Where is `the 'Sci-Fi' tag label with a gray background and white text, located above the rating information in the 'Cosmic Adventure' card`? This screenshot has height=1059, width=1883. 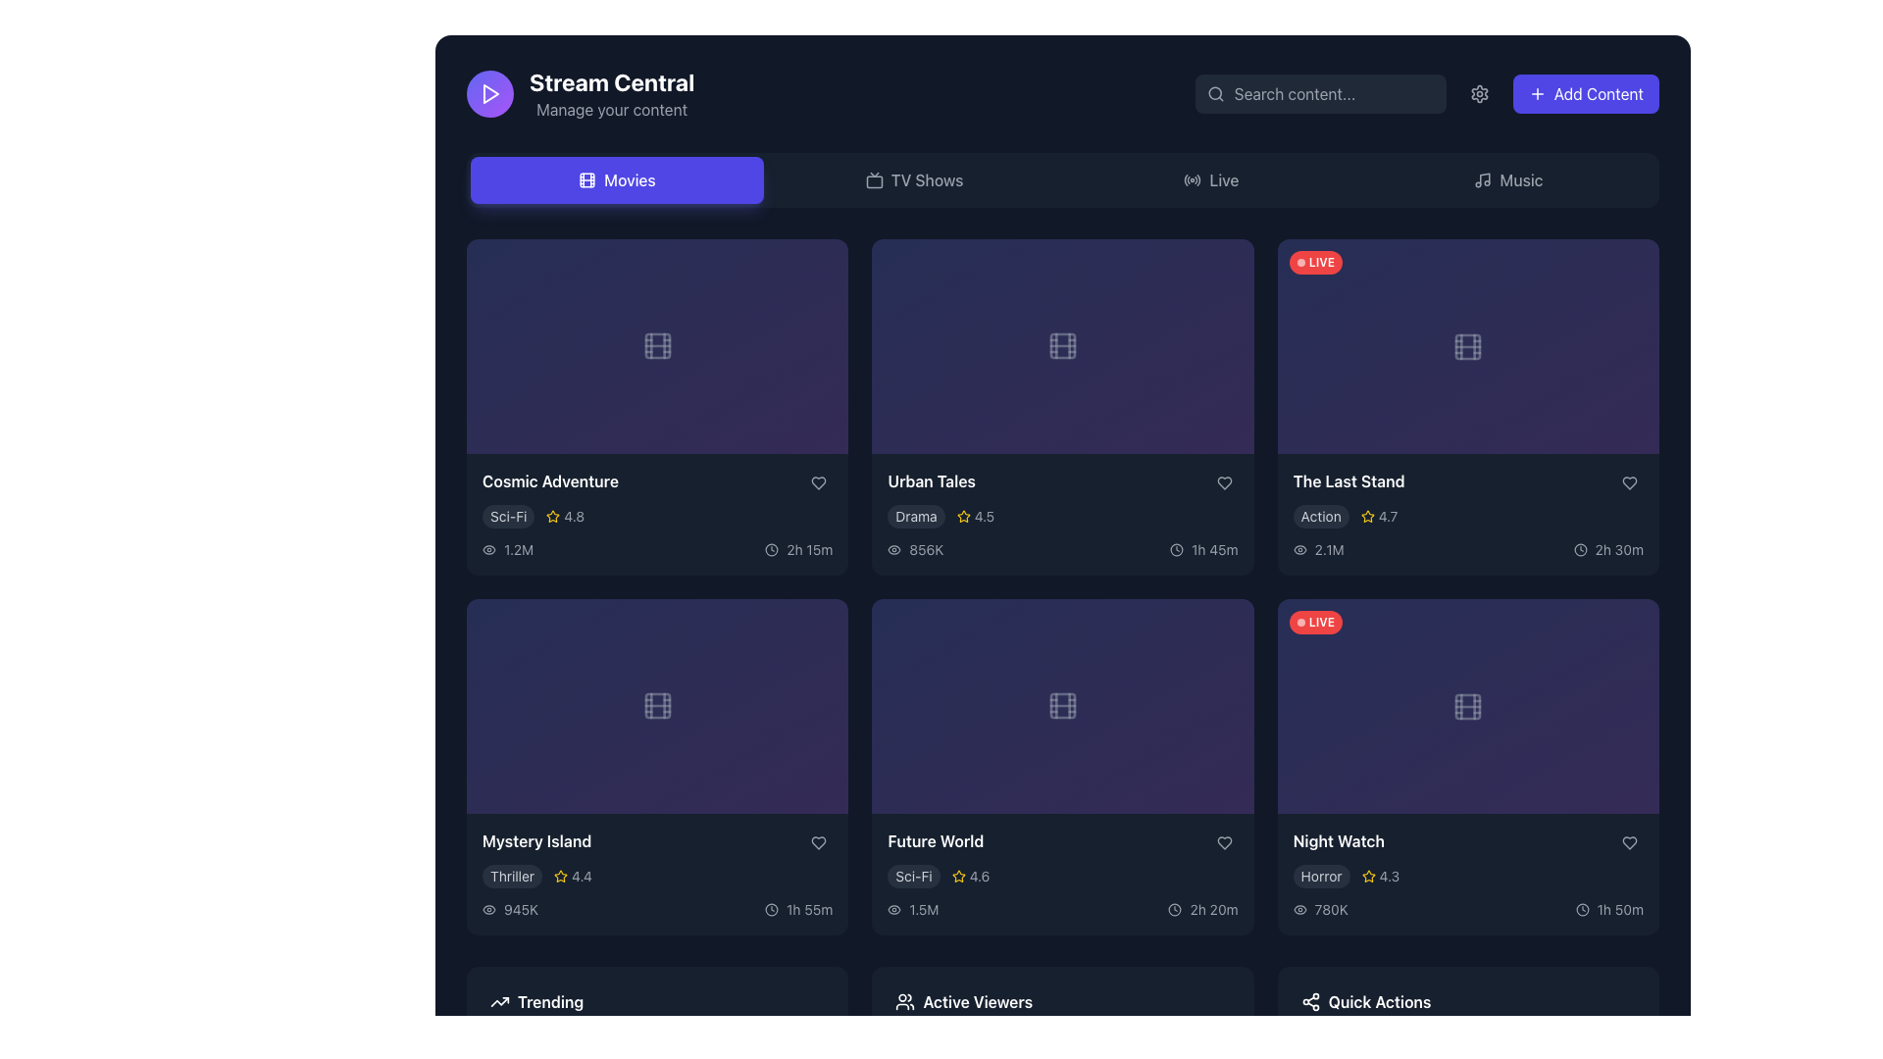
the 'Sci-Fi' tag label with a gray background and white text, located above the rating information in the 'Cosmic Adventure' card is located at coordinates (508, 515).